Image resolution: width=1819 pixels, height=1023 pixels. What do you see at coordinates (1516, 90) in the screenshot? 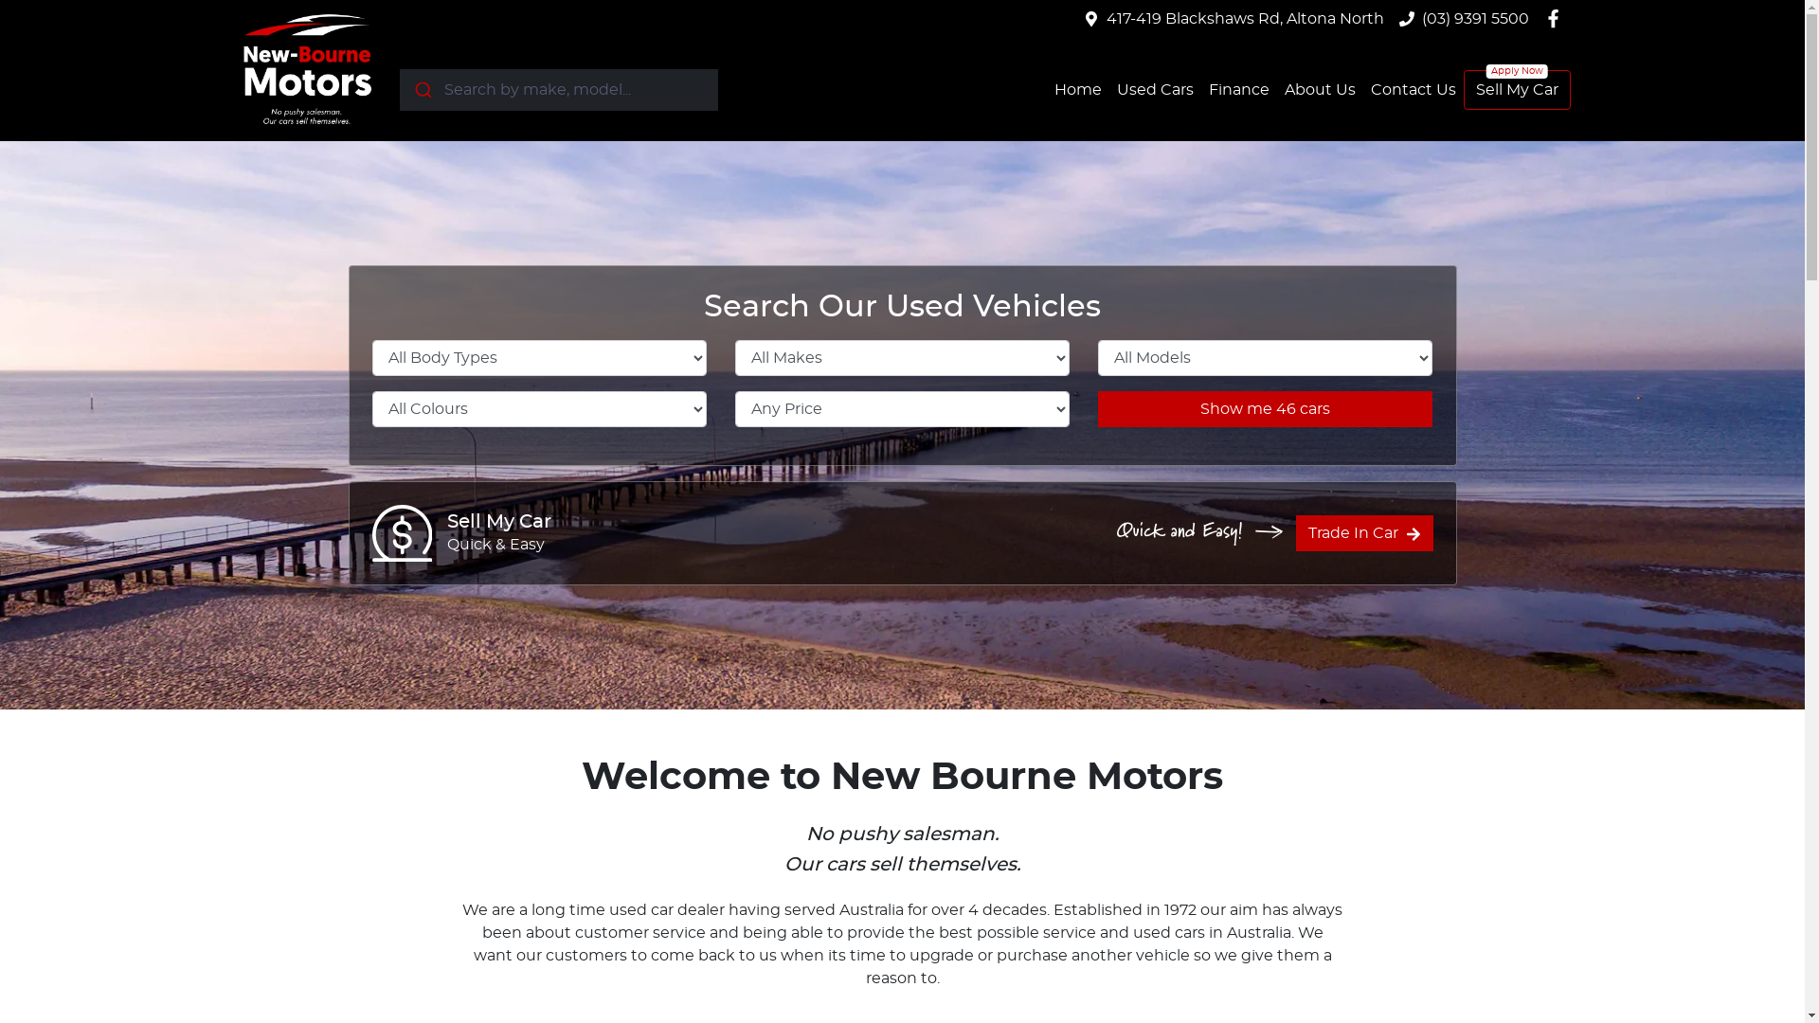
I see `'Sell My Car'` at bounding box center [1516, 90].